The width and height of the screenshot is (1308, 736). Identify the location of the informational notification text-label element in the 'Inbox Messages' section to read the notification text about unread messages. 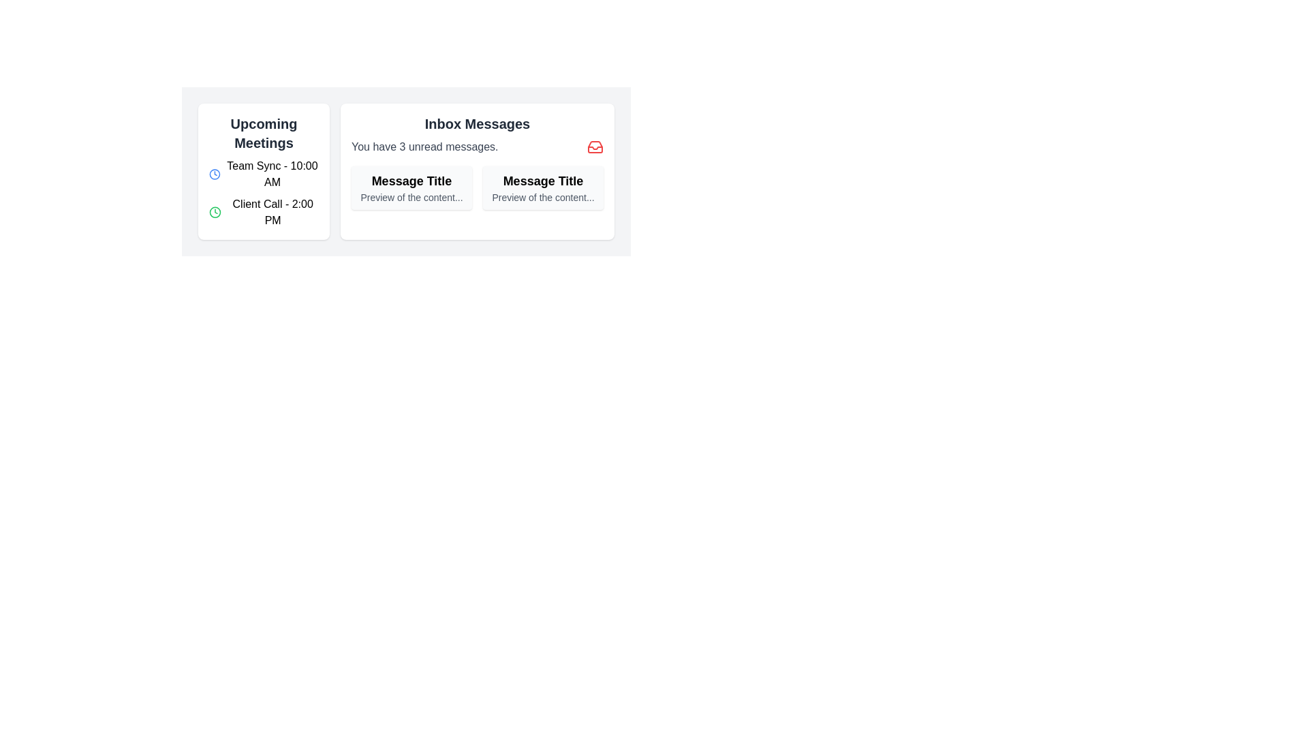
(477, 147).